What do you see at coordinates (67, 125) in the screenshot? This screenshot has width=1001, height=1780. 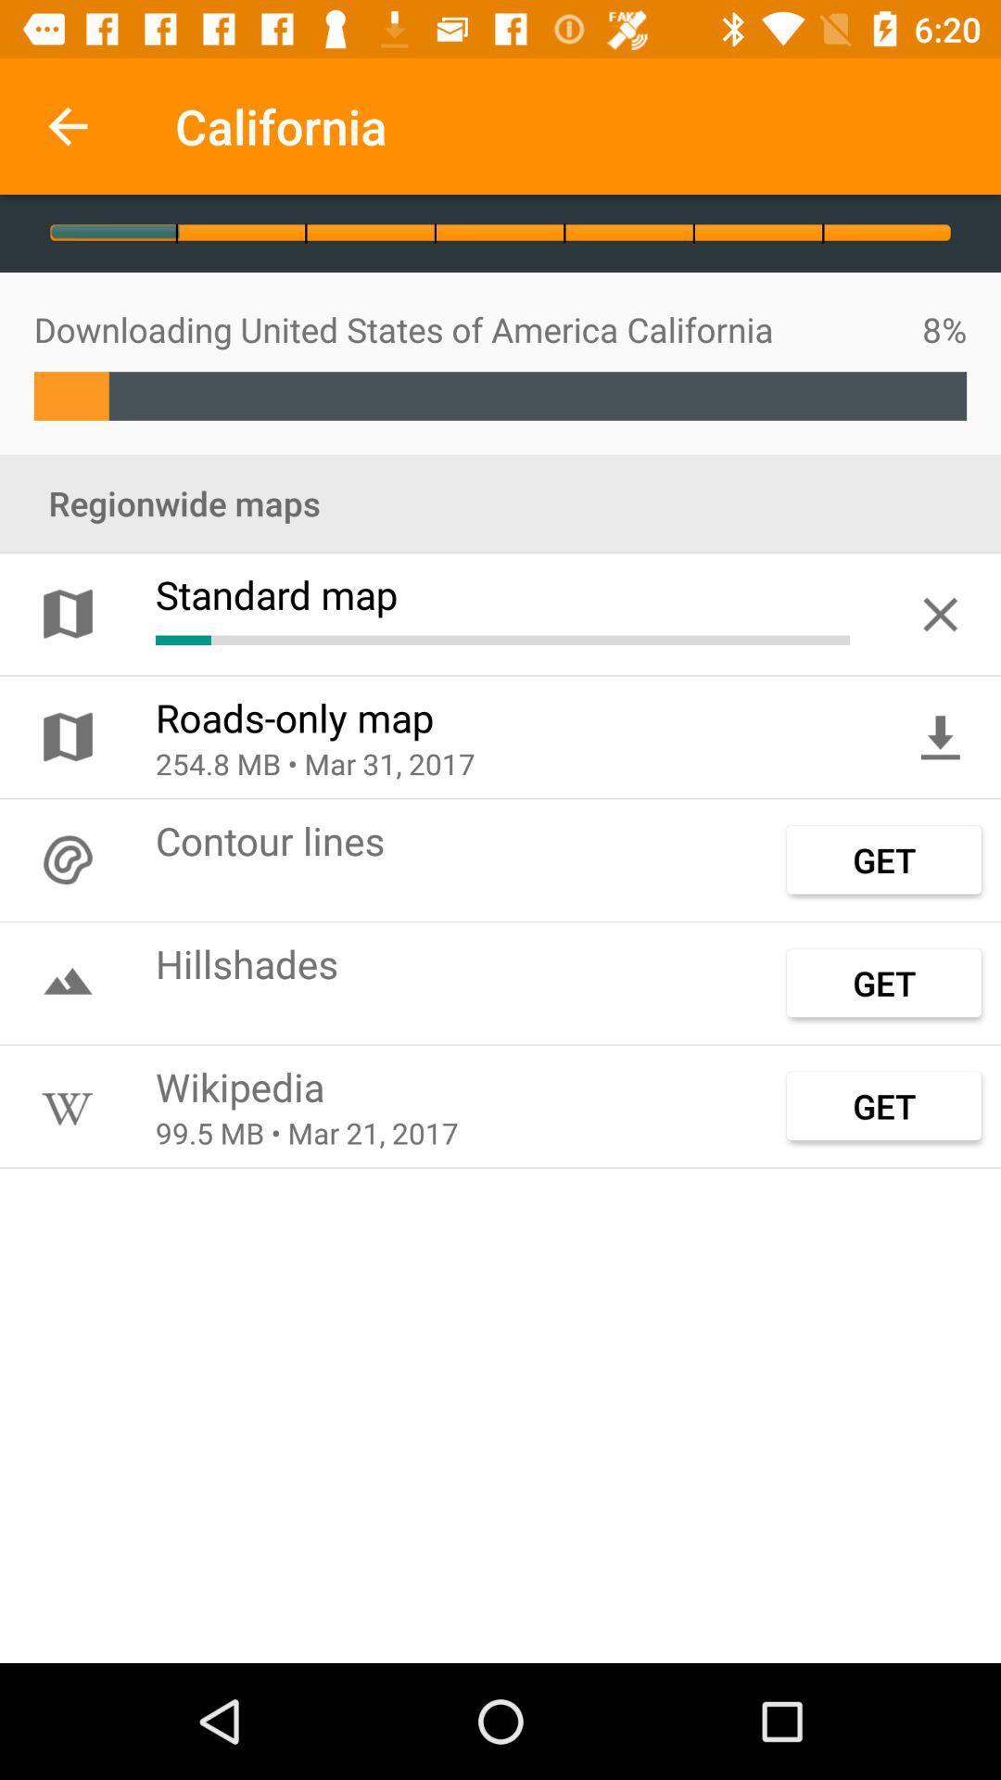 I see `app next to california app` at bounding box center [67, 125].